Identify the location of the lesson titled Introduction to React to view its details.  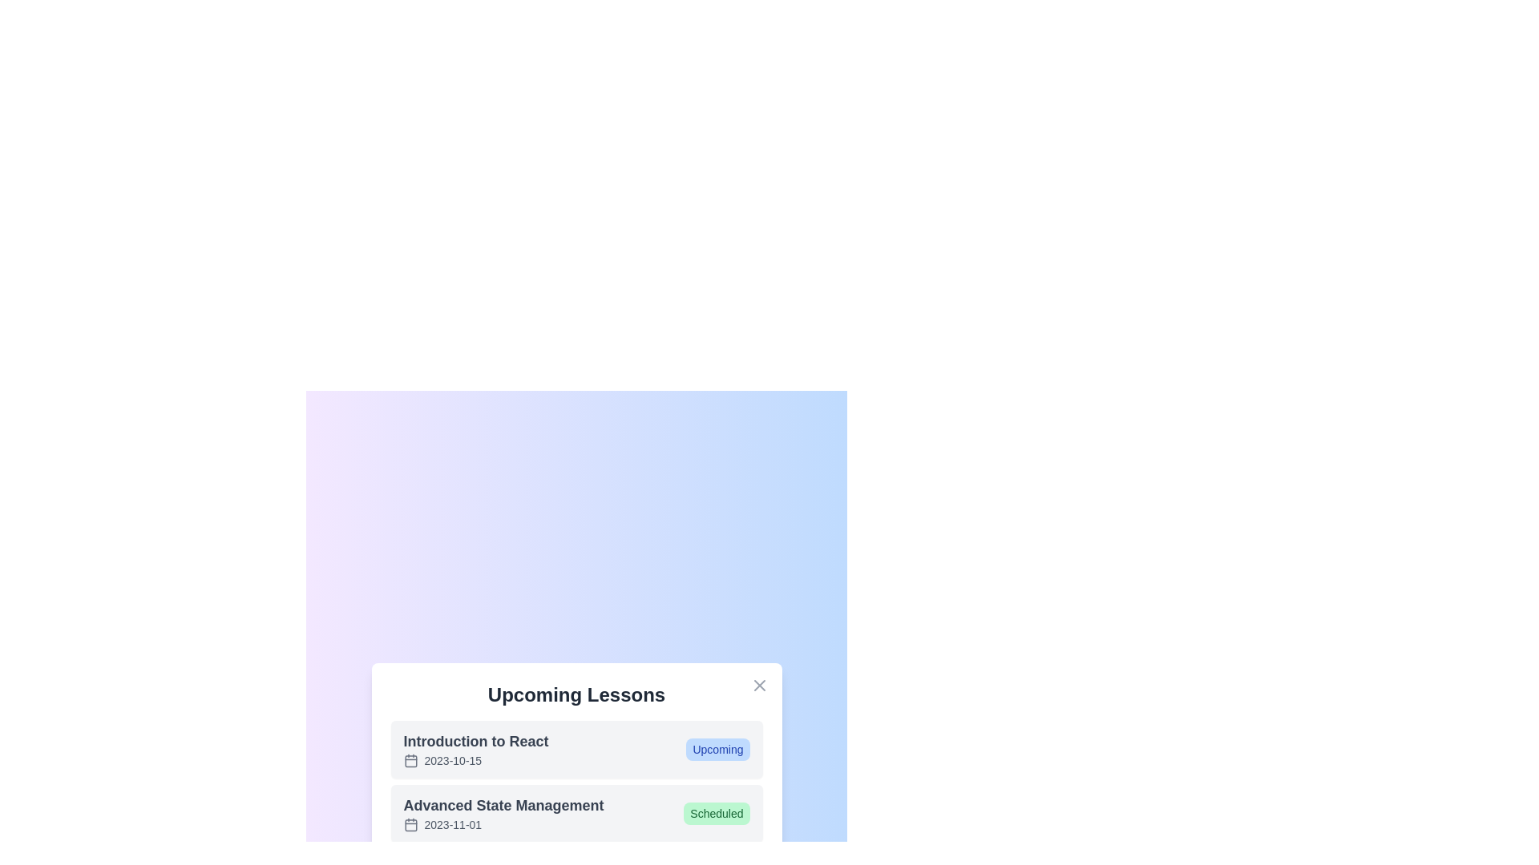
(475, 750).